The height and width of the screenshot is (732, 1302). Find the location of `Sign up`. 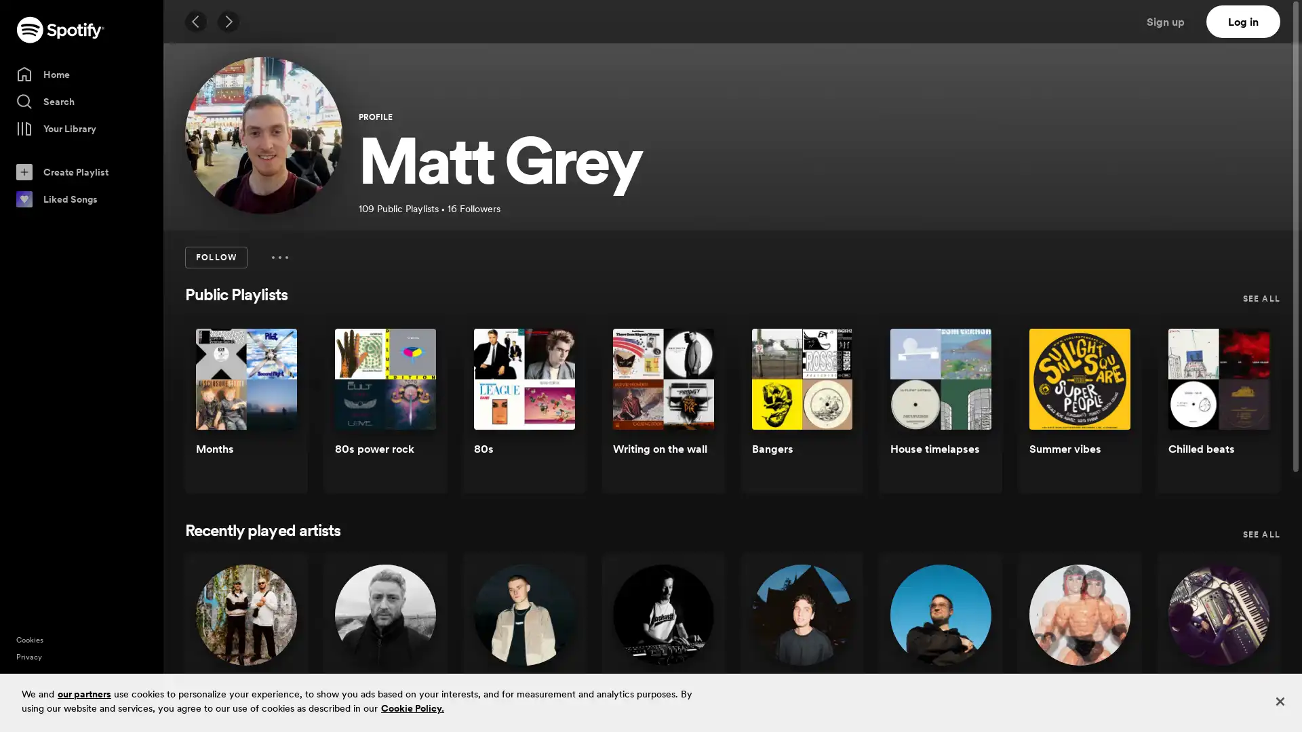

Sign up is located at coordinates (1173, 21).